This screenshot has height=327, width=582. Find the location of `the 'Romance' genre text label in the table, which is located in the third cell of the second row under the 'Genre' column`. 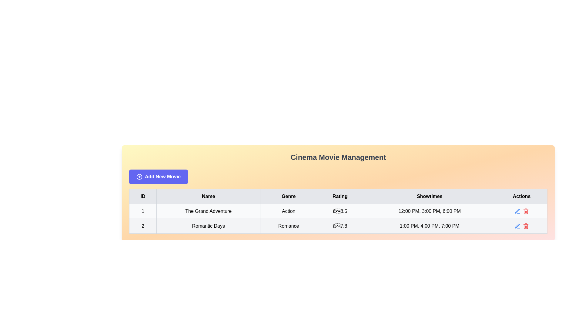

the 'Romance' genre text label in the table, which is located in the third cell of the second row under the 'Genre' column is located at coordinates (288, 226).